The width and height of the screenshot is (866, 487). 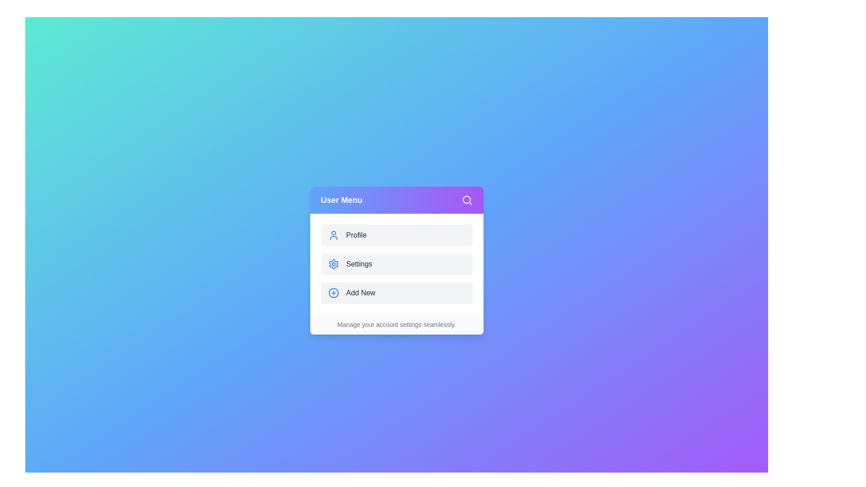 What do you see at coordinates (396, 293) in the screenshot?
I see `the 'Add New' button to navigate to the Add New section` at bounding box center [396, 293].